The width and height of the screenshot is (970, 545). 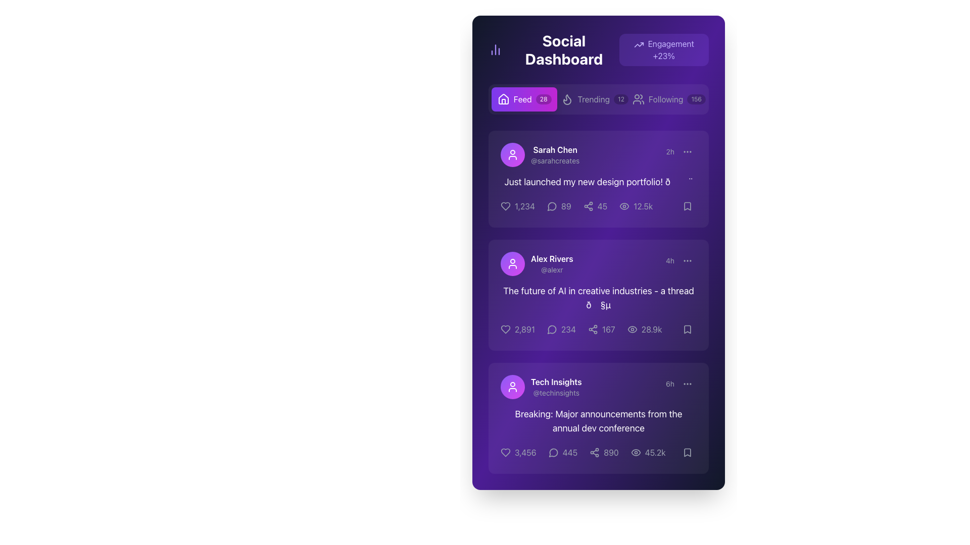 I want to click on the bookmark icon located at the top right corner of the first post card, so click(x=687, y=205).